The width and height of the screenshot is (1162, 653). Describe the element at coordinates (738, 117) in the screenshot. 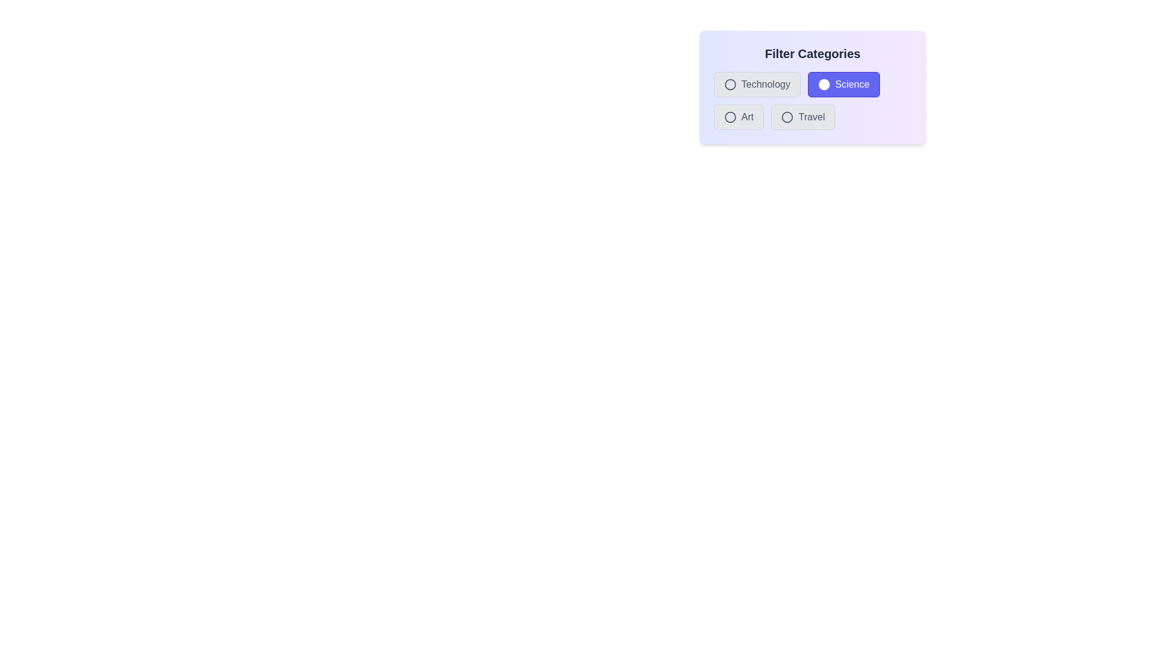

I see `the Art button to observe the hover effect` at that location.